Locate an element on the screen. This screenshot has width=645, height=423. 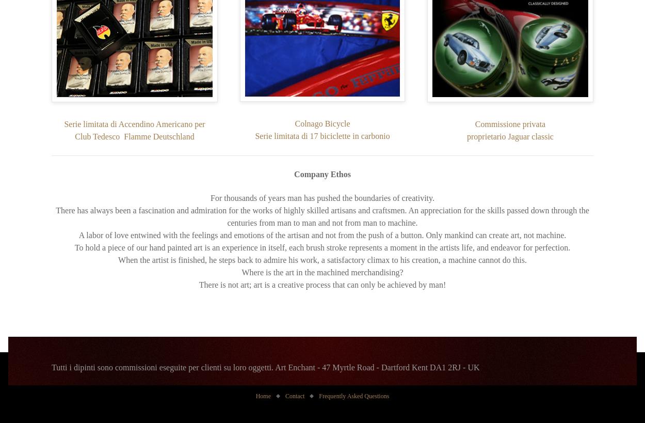
'Contact' is located at coordinates (285, 396).